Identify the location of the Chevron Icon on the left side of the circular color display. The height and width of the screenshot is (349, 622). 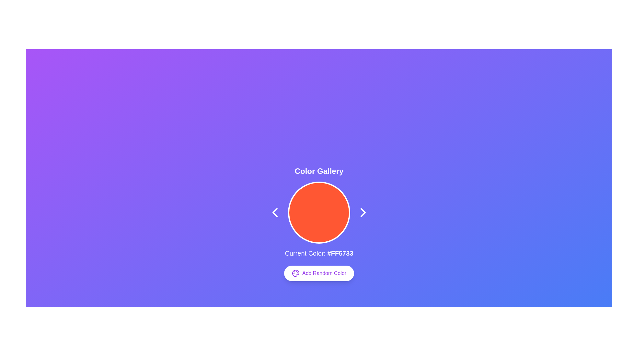
(275, 213).